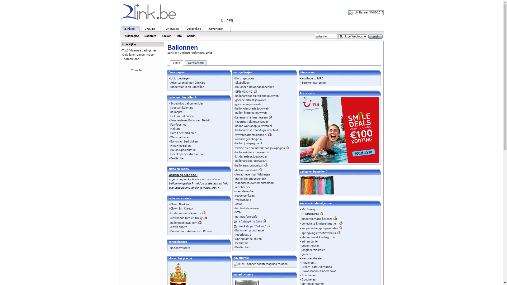  I want to click on 'Bereken uw lening', so click(313, 83).